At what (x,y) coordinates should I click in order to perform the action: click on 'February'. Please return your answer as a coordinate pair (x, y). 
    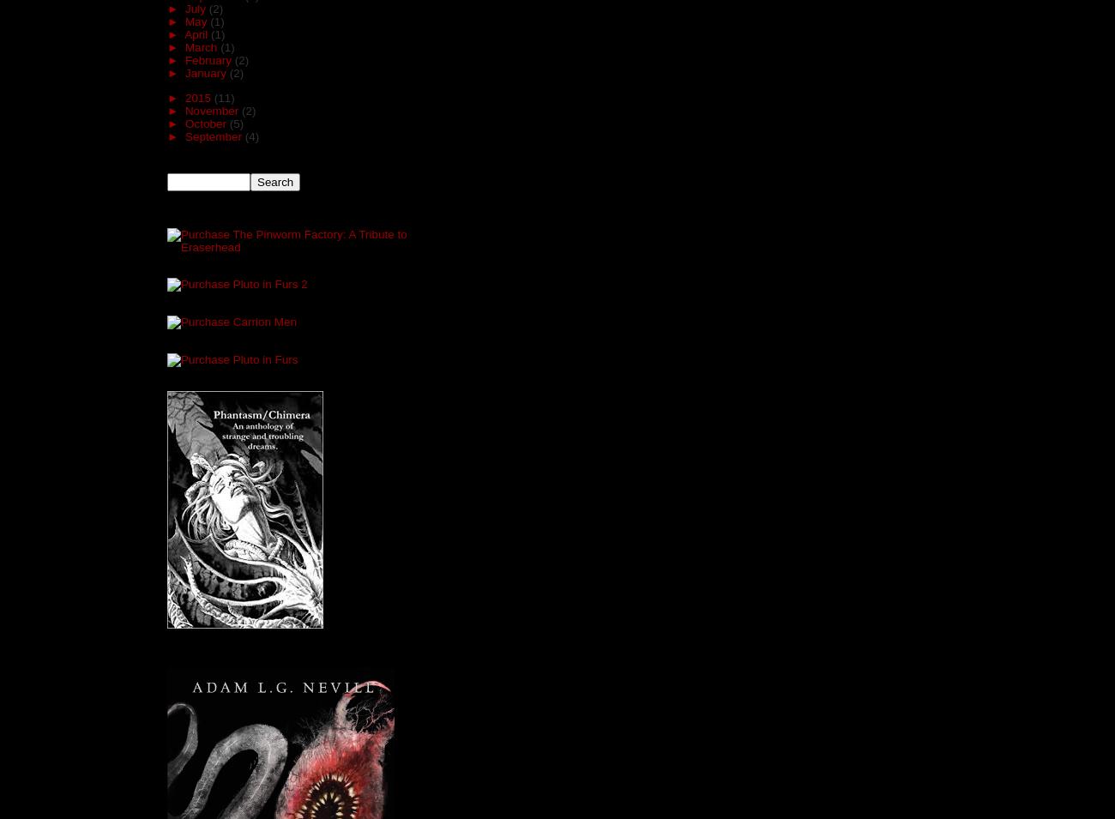
    Looking at the image, I should click on (208, 59).